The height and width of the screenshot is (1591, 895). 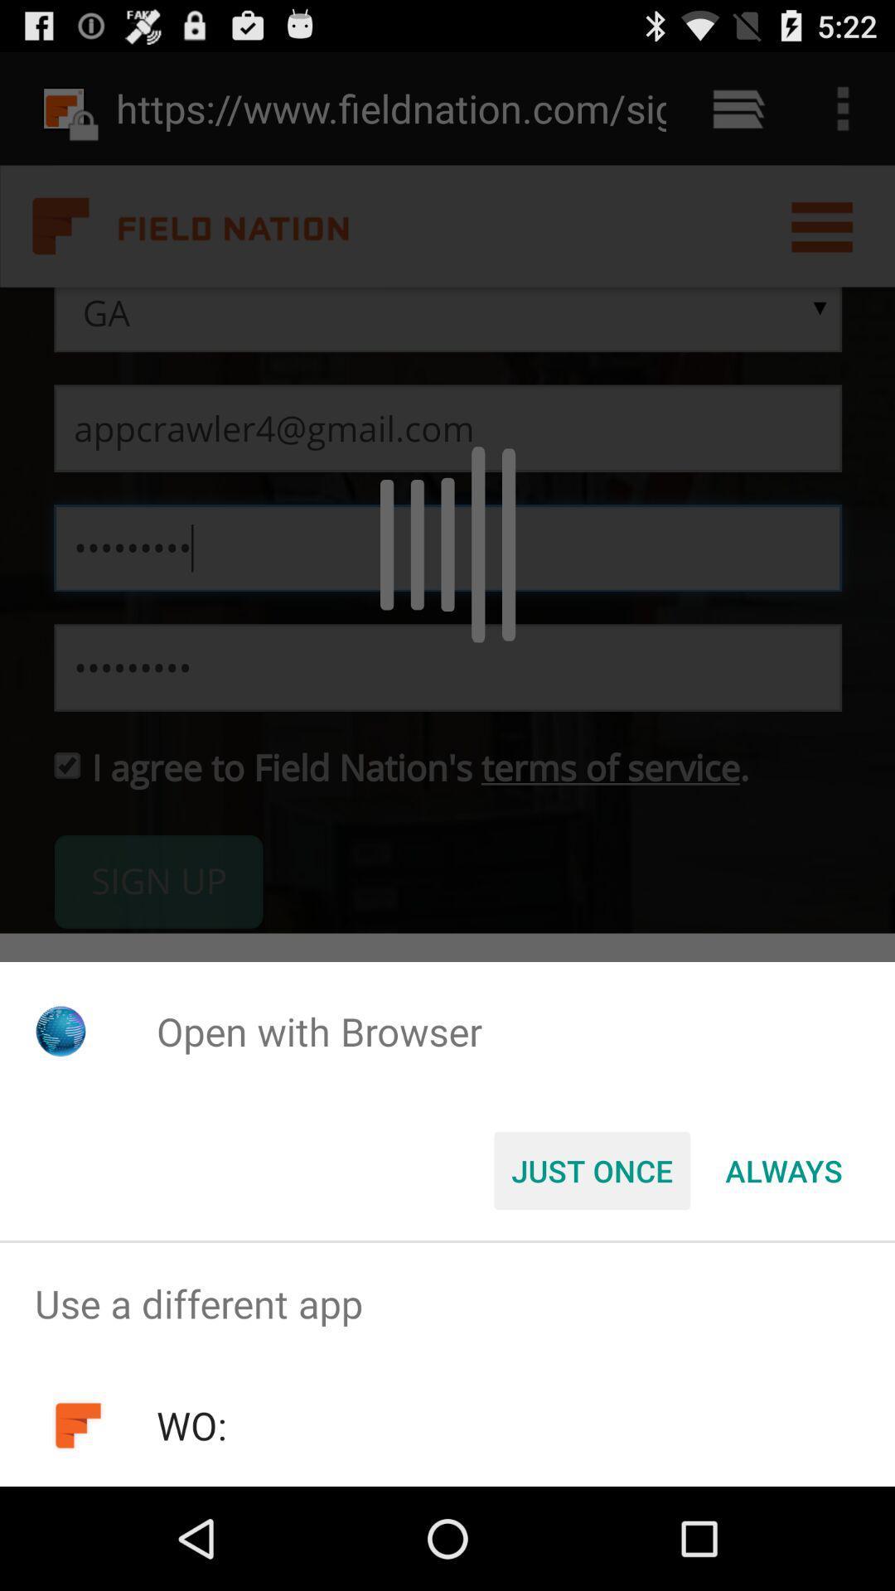 What do you see at coordinates (783, 1169) in the screenshot?
I see `item next to the just once button` at bounding box center [783, 1169].